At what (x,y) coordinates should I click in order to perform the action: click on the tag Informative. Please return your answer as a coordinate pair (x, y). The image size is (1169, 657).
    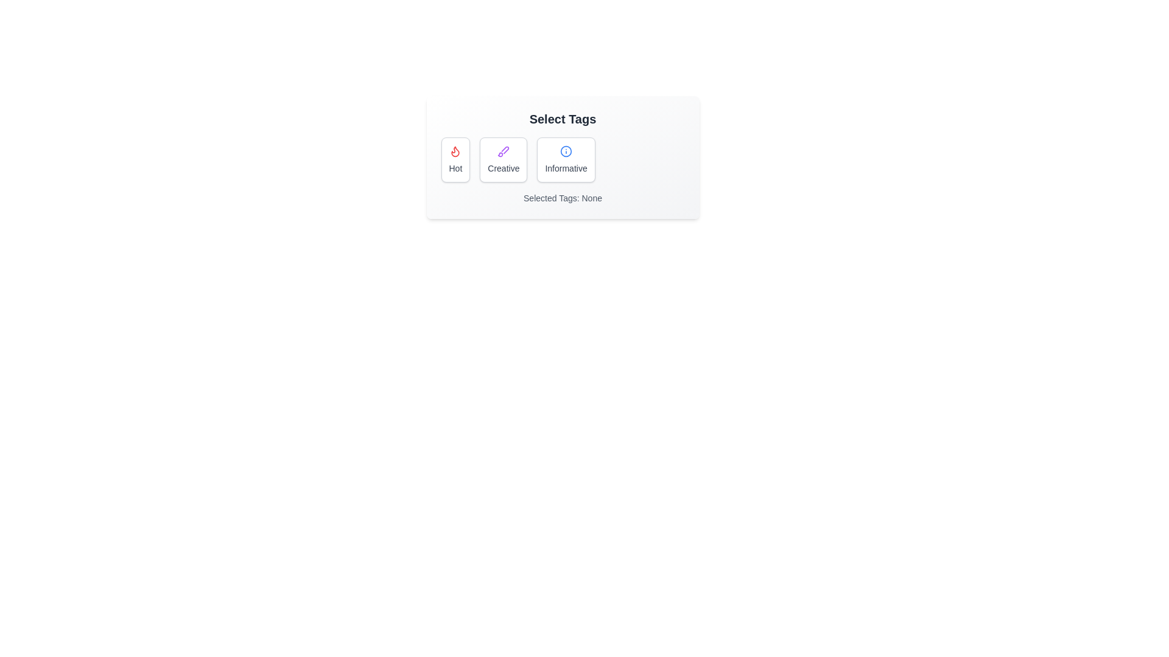
    Looking at the image, I should click on (566, 159).